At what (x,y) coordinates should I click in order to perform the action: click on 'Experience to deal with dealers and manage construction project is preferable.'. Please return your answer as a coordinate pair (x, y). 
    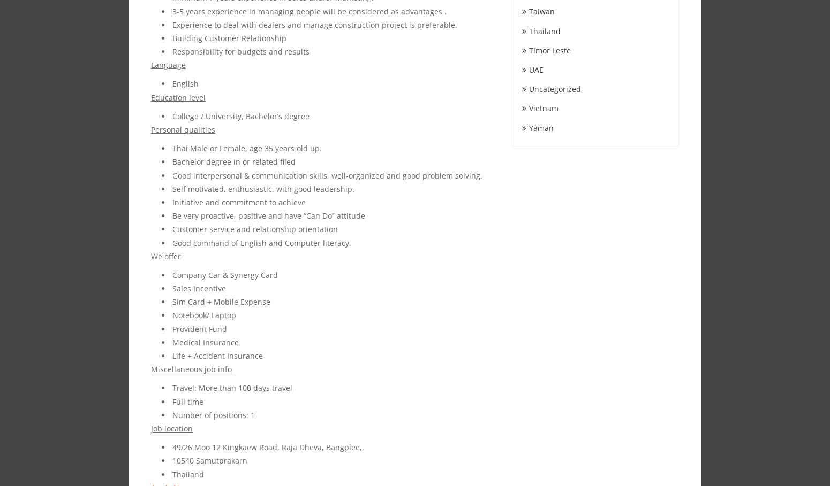
    Looking at the image, I should click on (314, 24).